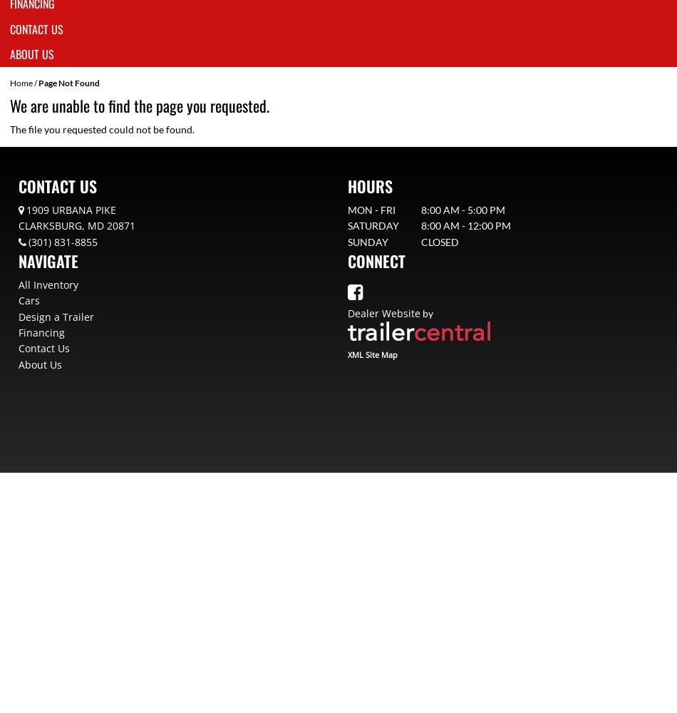 The width and height of the screenshot is (677, 713). I want to click on '1909 URBANA PIKE', so click(71, 209).